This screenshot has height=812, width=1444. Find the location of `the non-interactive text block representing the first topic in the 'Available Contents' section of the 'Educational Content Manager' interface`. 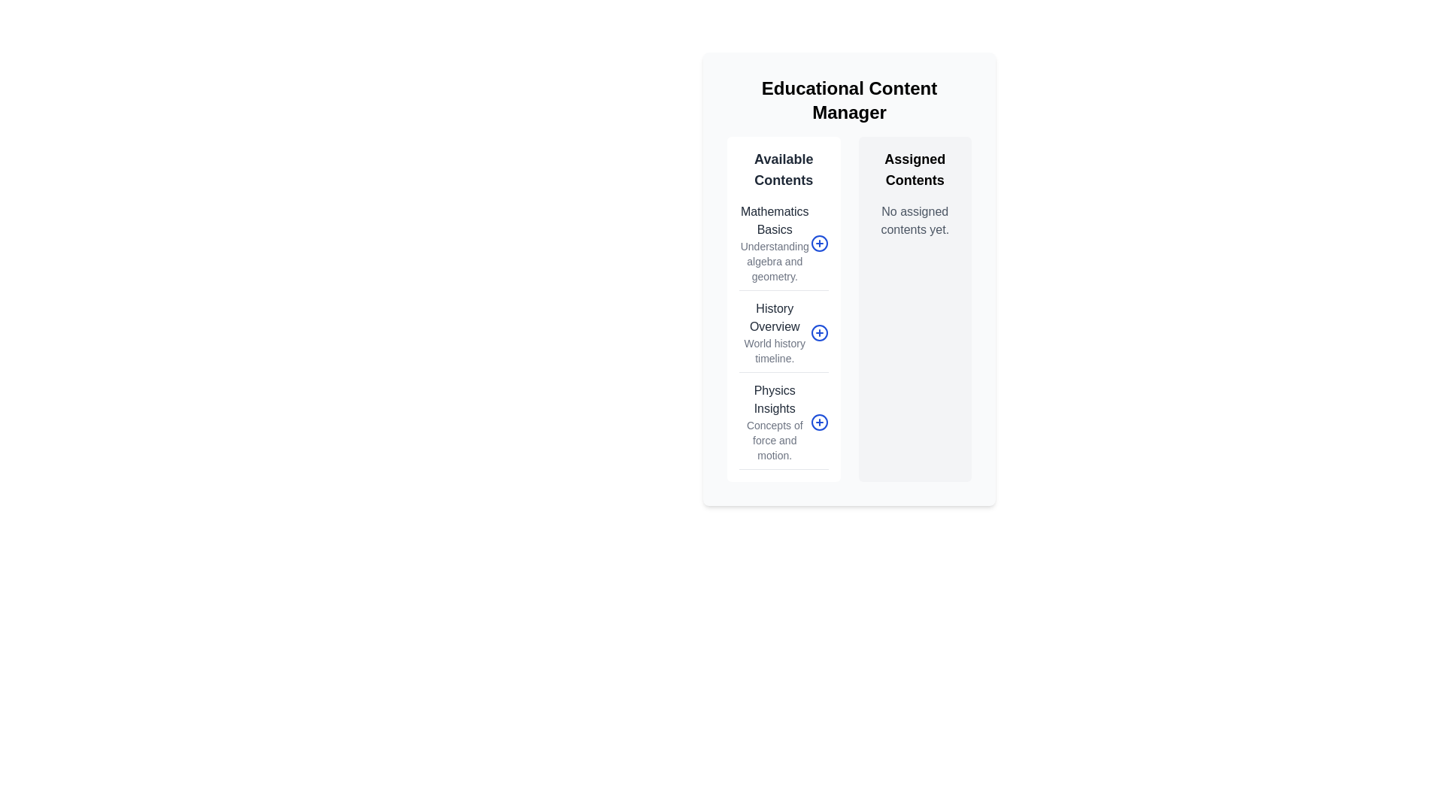

the non-interactive text block representing the first topic in the 'Available Contents' section of the 'Educational Content Manager' interface is located at coordinates (775, 243).